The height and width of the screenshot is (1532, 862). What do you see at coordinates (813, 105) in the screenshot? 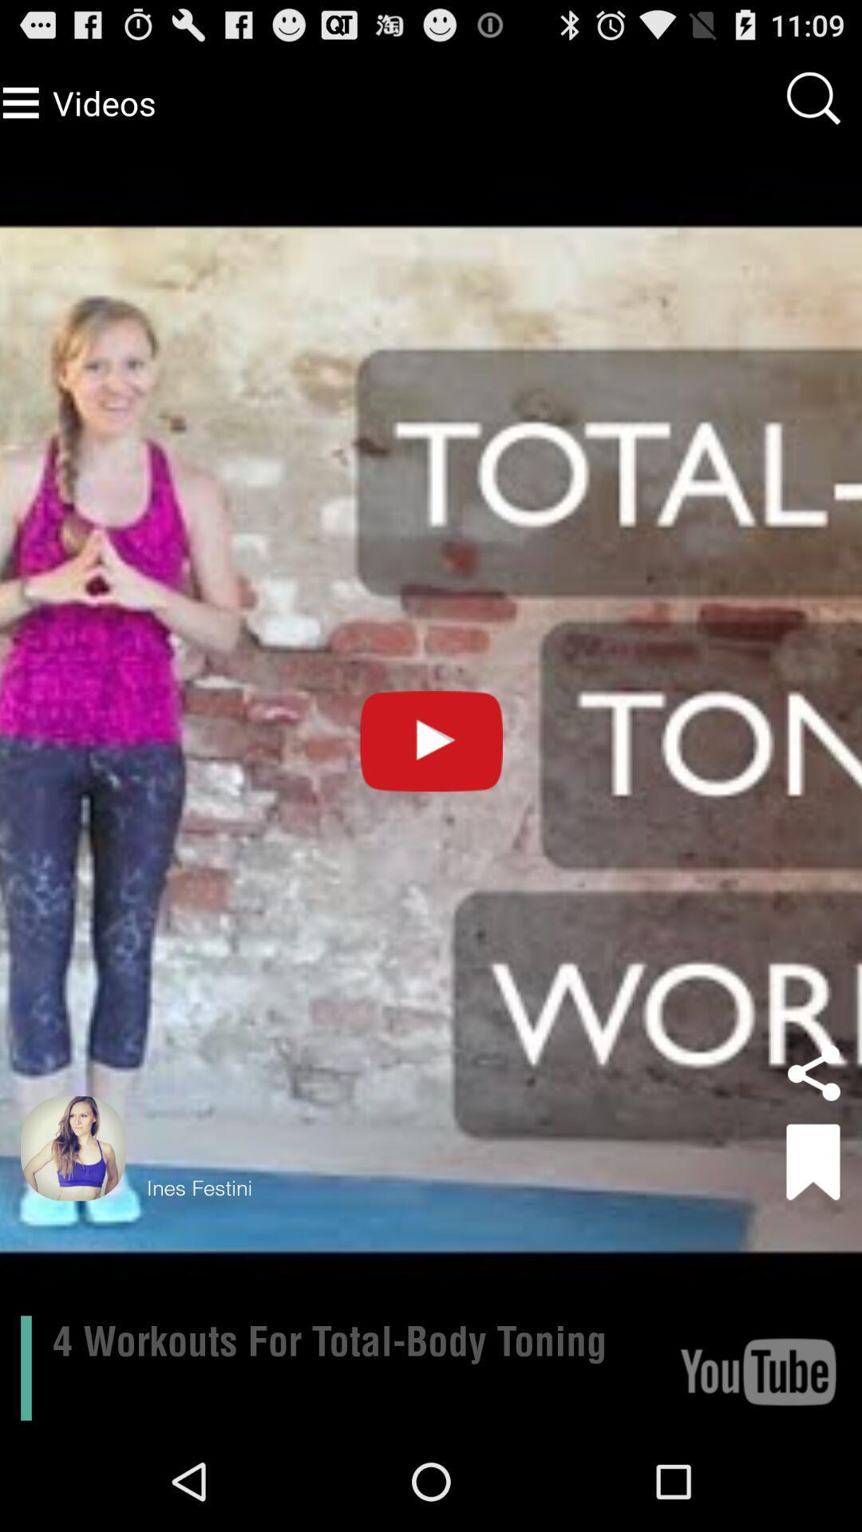
I see `the search icon` at bounding box center [813, 105].